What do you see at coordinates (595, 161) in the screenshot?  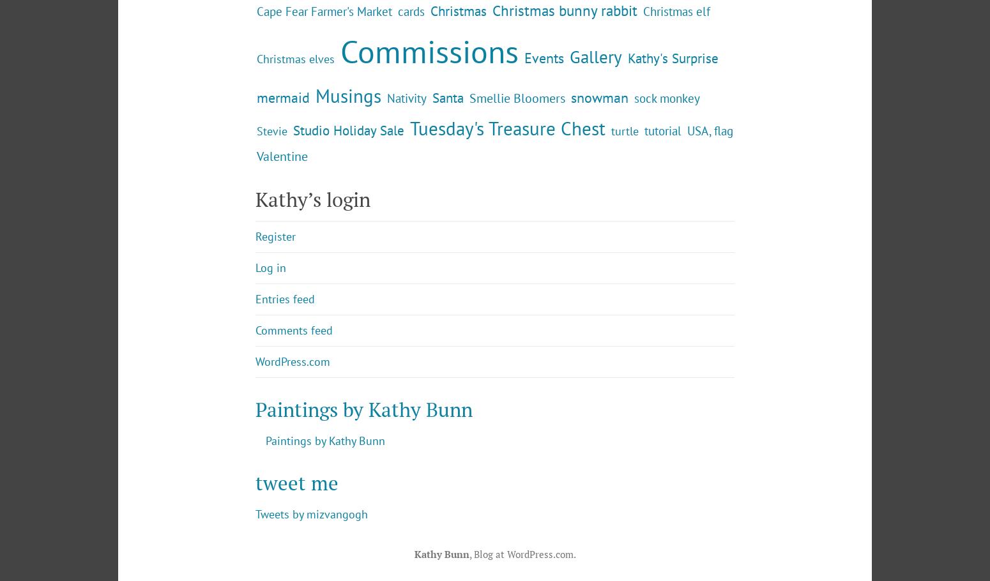 I see `'Gallery'` at bounding box center [595, 161].